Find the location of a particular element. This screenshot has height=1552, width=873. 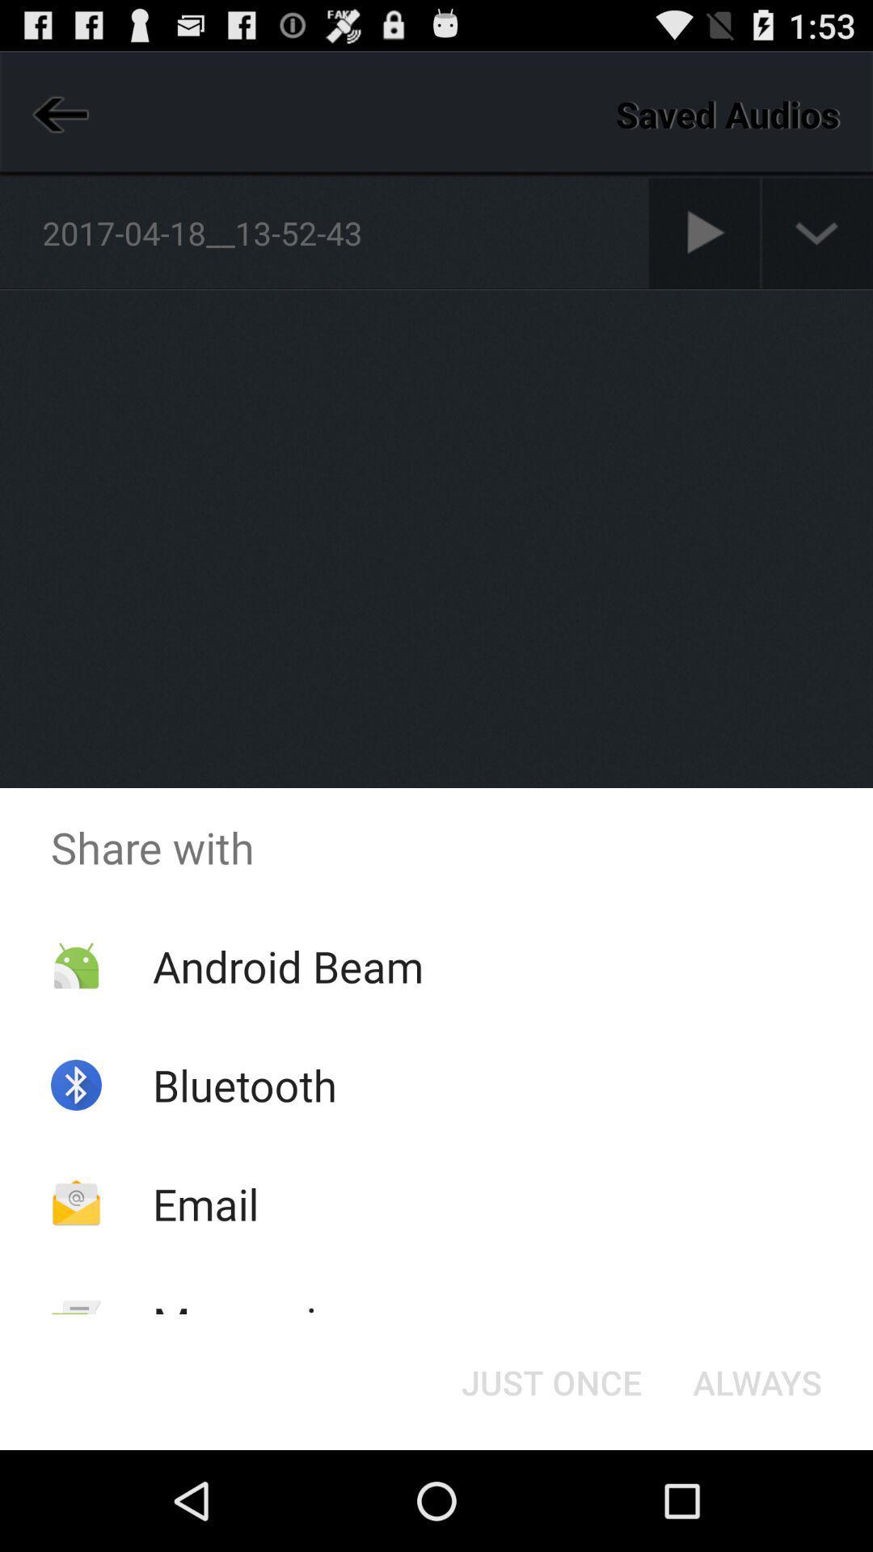

the icon at the bottom right corner is located at coordinates (757, 1381).